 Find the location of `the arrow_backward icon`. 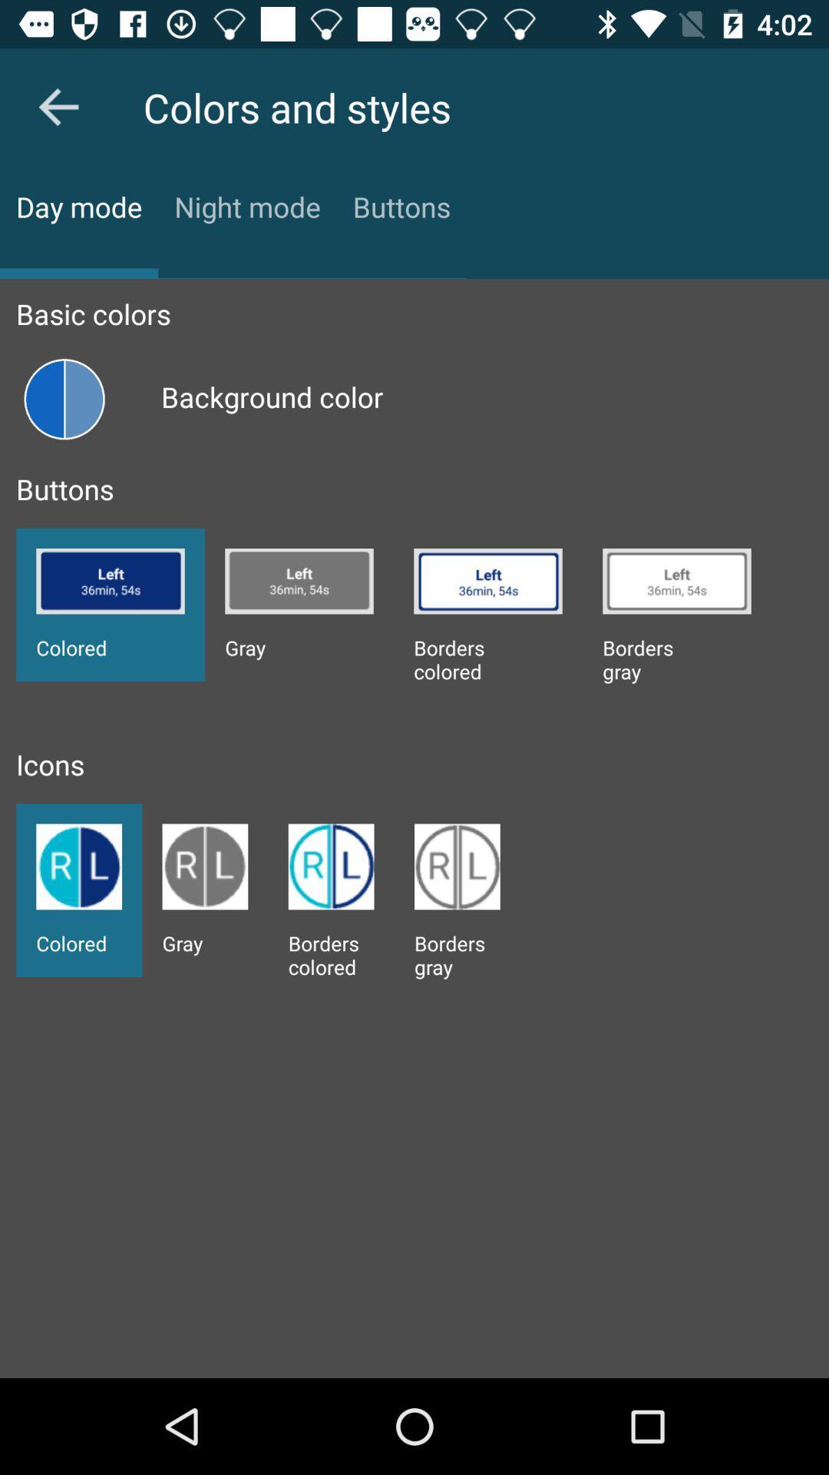

the arrow_backward icon is located at coordinates (58, 106).